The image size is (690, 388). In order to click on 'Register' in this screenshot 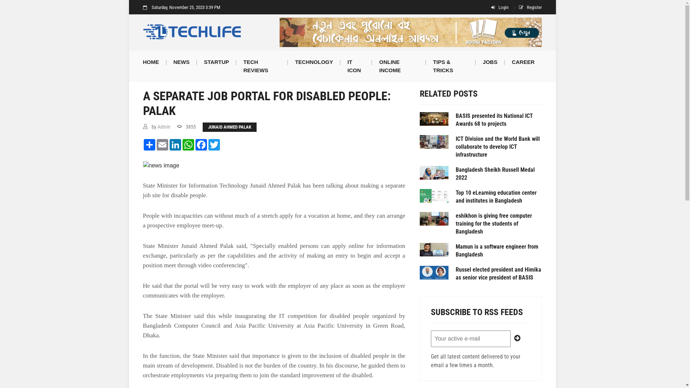, I will do `click(530, 7)`.